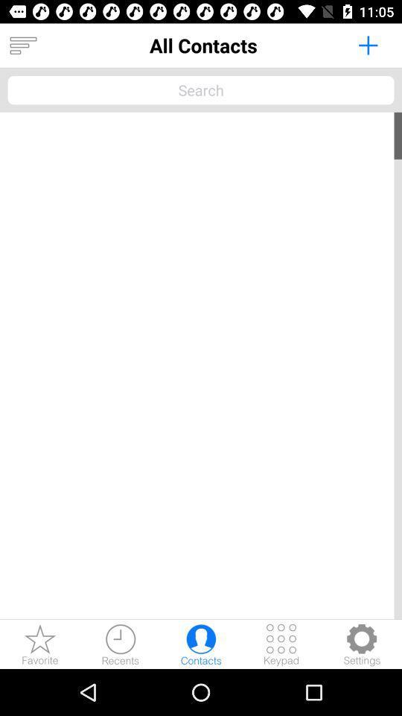  I want to click on item at the top left corner, so click(22, 45).